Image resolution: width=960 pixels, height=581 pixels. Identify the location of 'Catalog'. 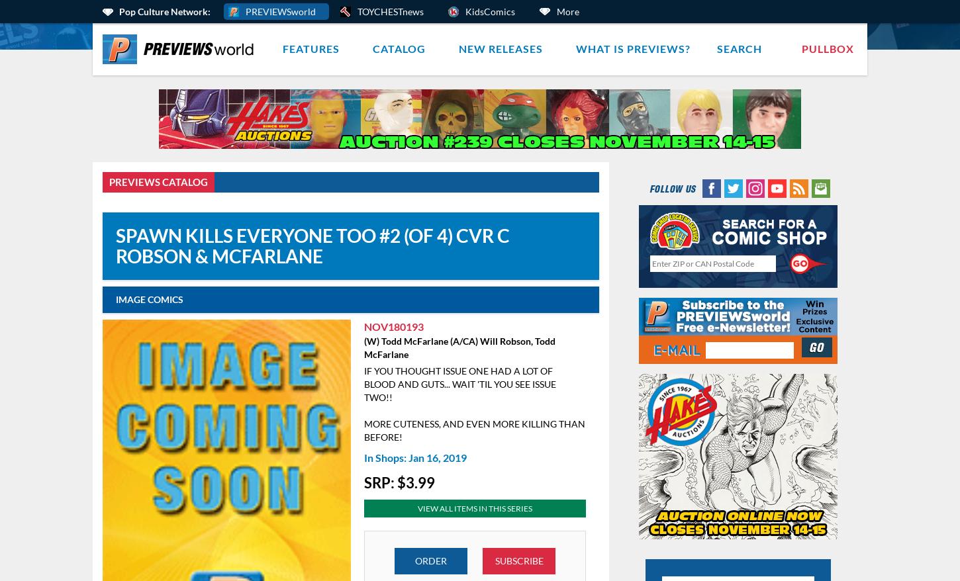
(399, 48).